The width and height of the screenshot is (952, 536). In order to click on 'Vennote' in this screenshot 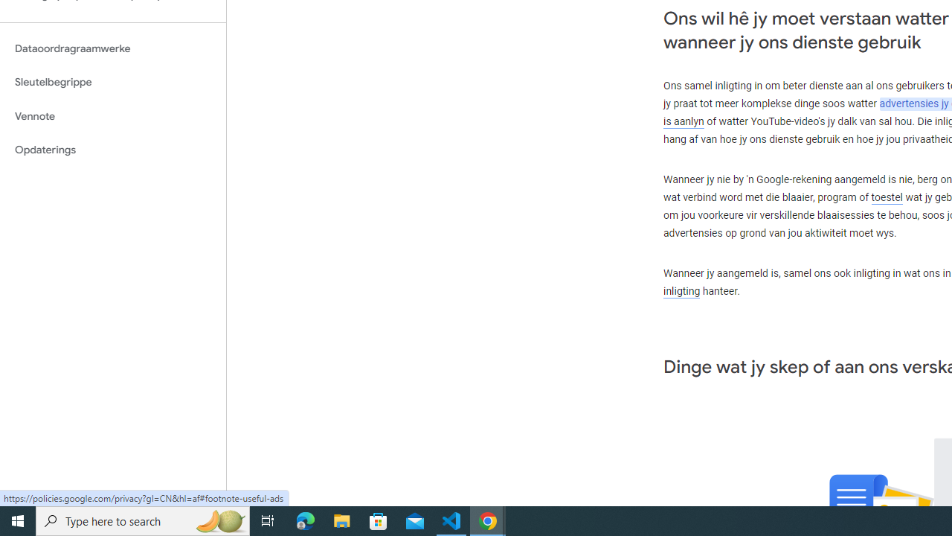, I will do `click(112, 115)`.